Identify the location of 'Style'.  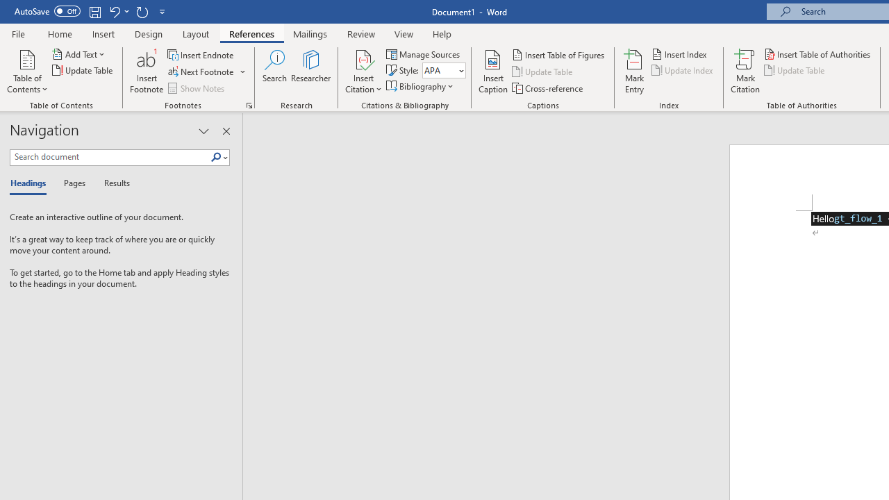
(443, 70).